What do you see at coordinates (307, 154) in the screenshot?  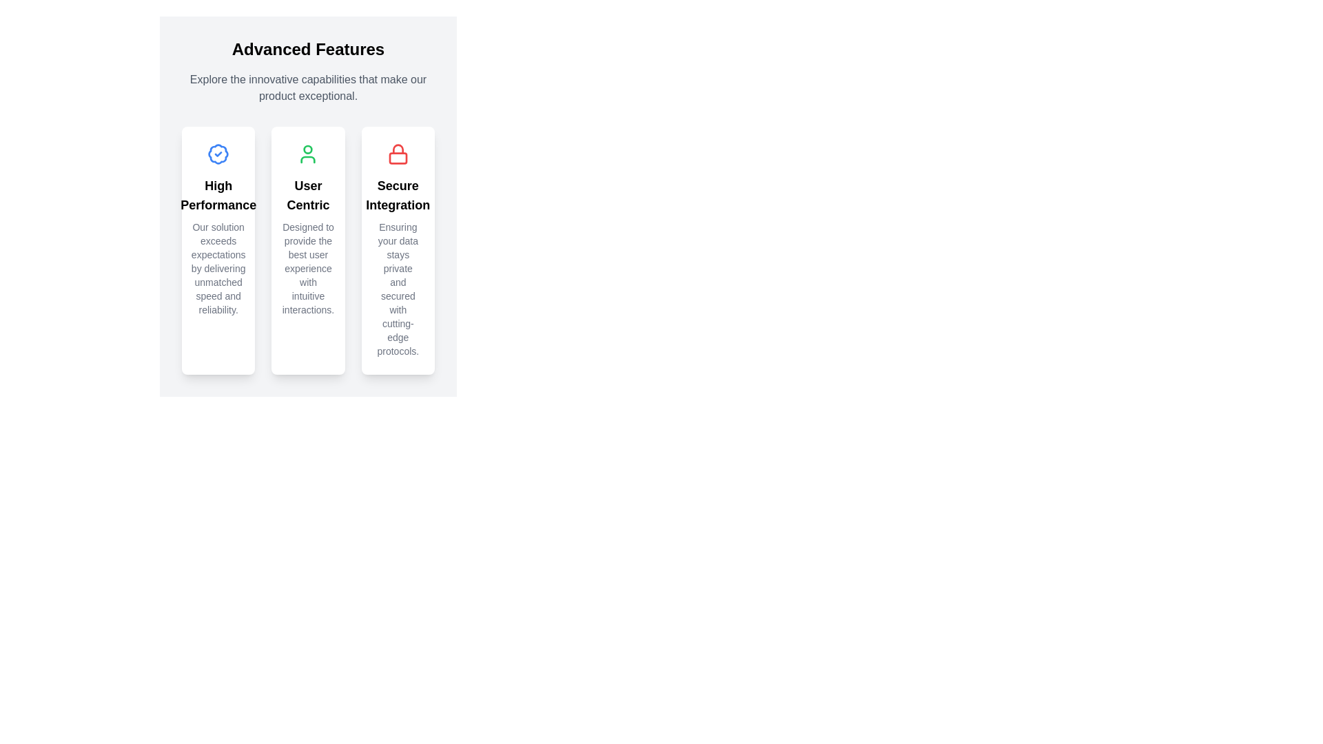 I see `the green-colored user icon, which has a circular head and body outline, located above the text 'User Centric'` at bounding box center [307, 154].